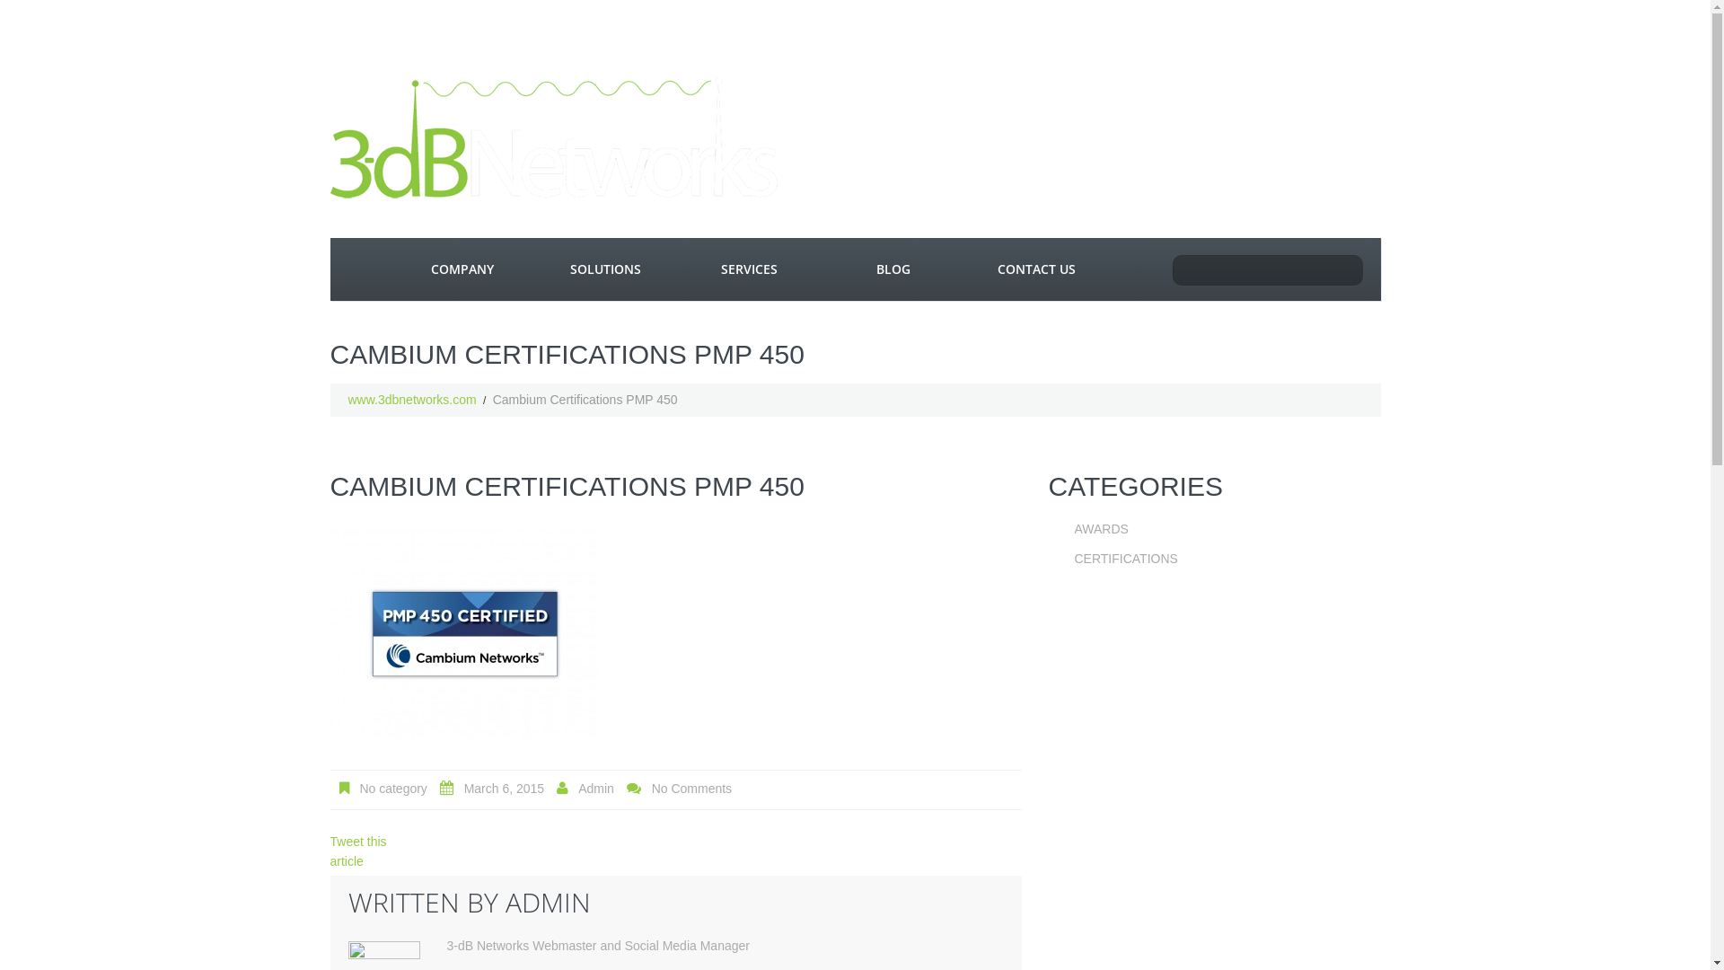  Describe the element at coordinates (546, 902) in the screenshot. I see `'ADMIN'` at that location.